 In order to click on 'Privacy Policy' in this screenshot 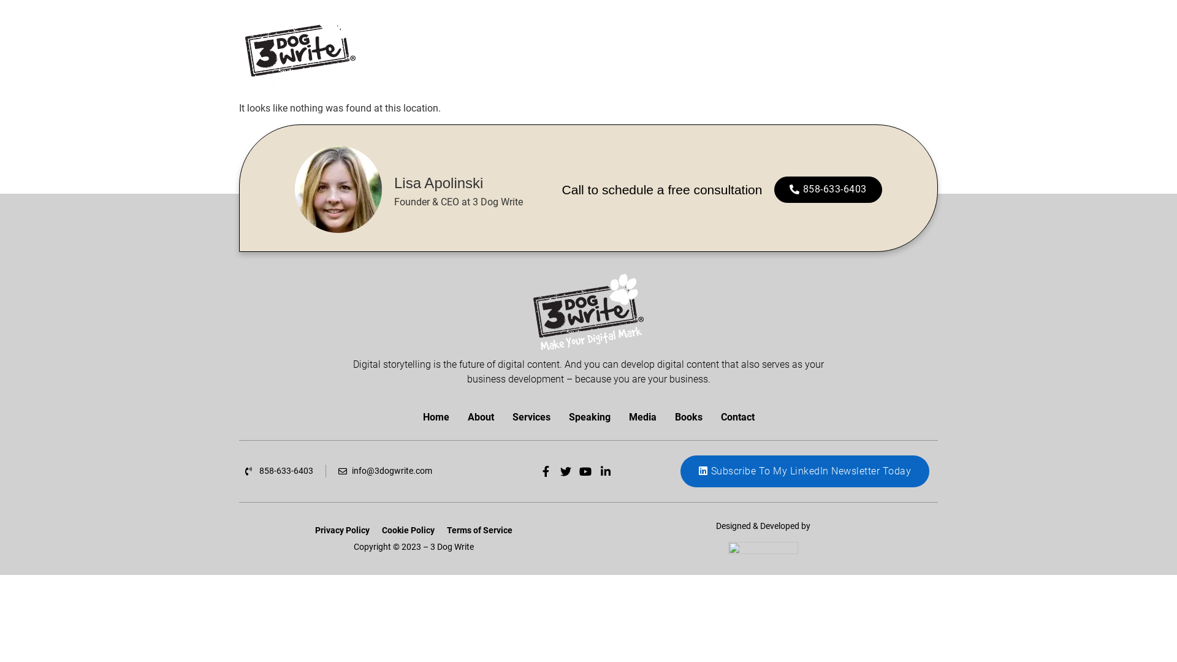, I will do `click(342, 529)`.